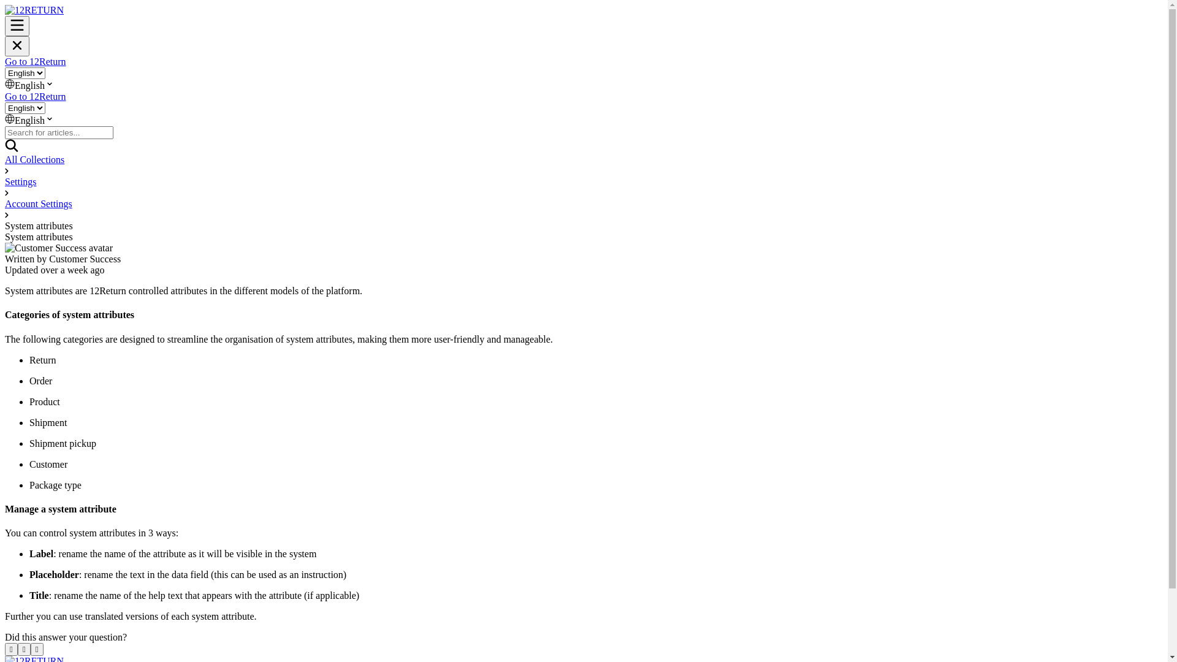 The width and height of the screenshot is (1177, 662). I want to click on 'Go to 12Return', so click(35, 96).